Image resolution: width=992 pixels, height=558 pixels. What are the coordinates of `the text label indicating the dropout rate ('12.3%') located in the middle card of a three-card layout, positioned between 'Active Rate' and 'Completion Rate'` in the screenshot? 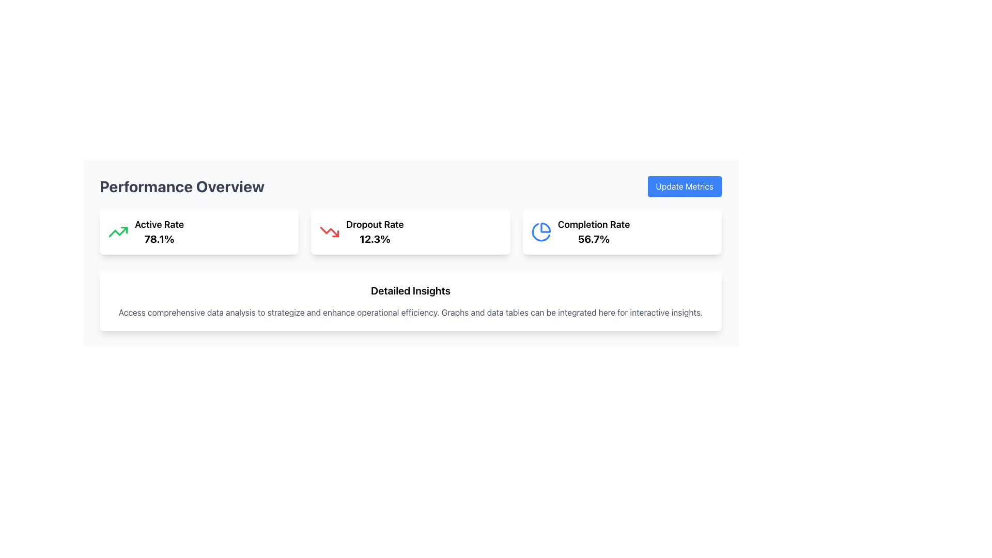 It's located at (374, 224).